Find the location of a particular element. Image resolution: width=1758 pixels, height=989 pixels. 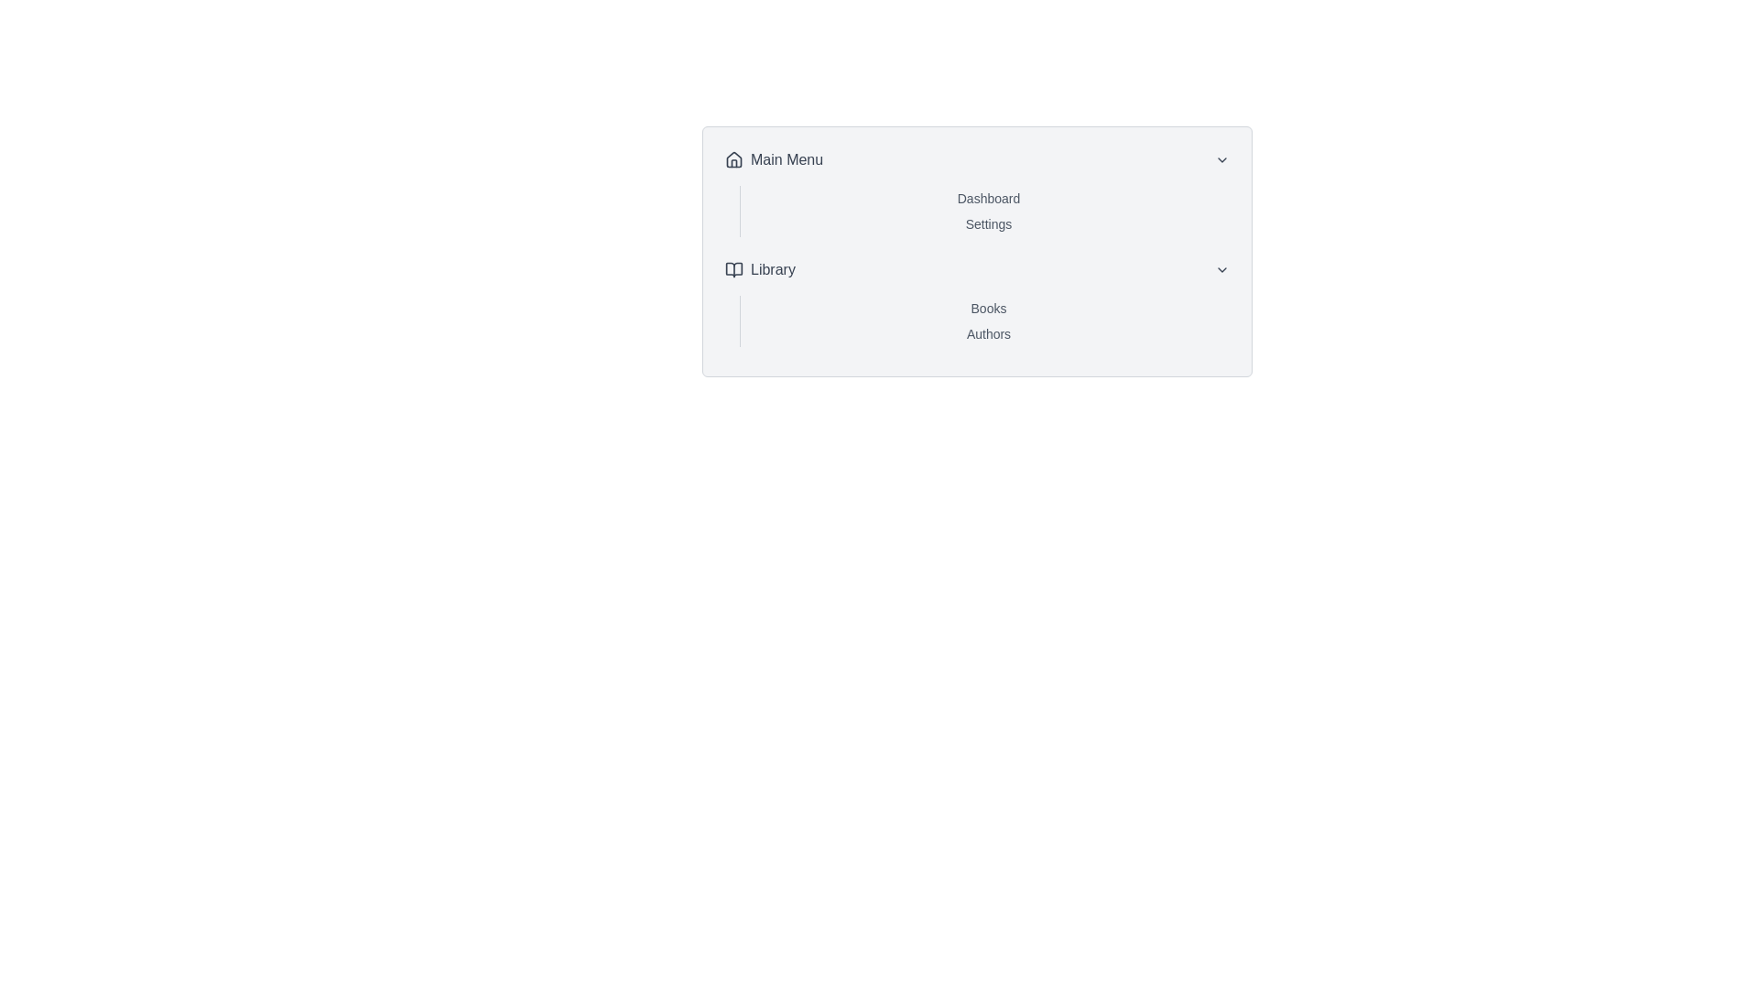

the text label under the 'Library' category that represents the Books section is located at coordinates (988, 307).